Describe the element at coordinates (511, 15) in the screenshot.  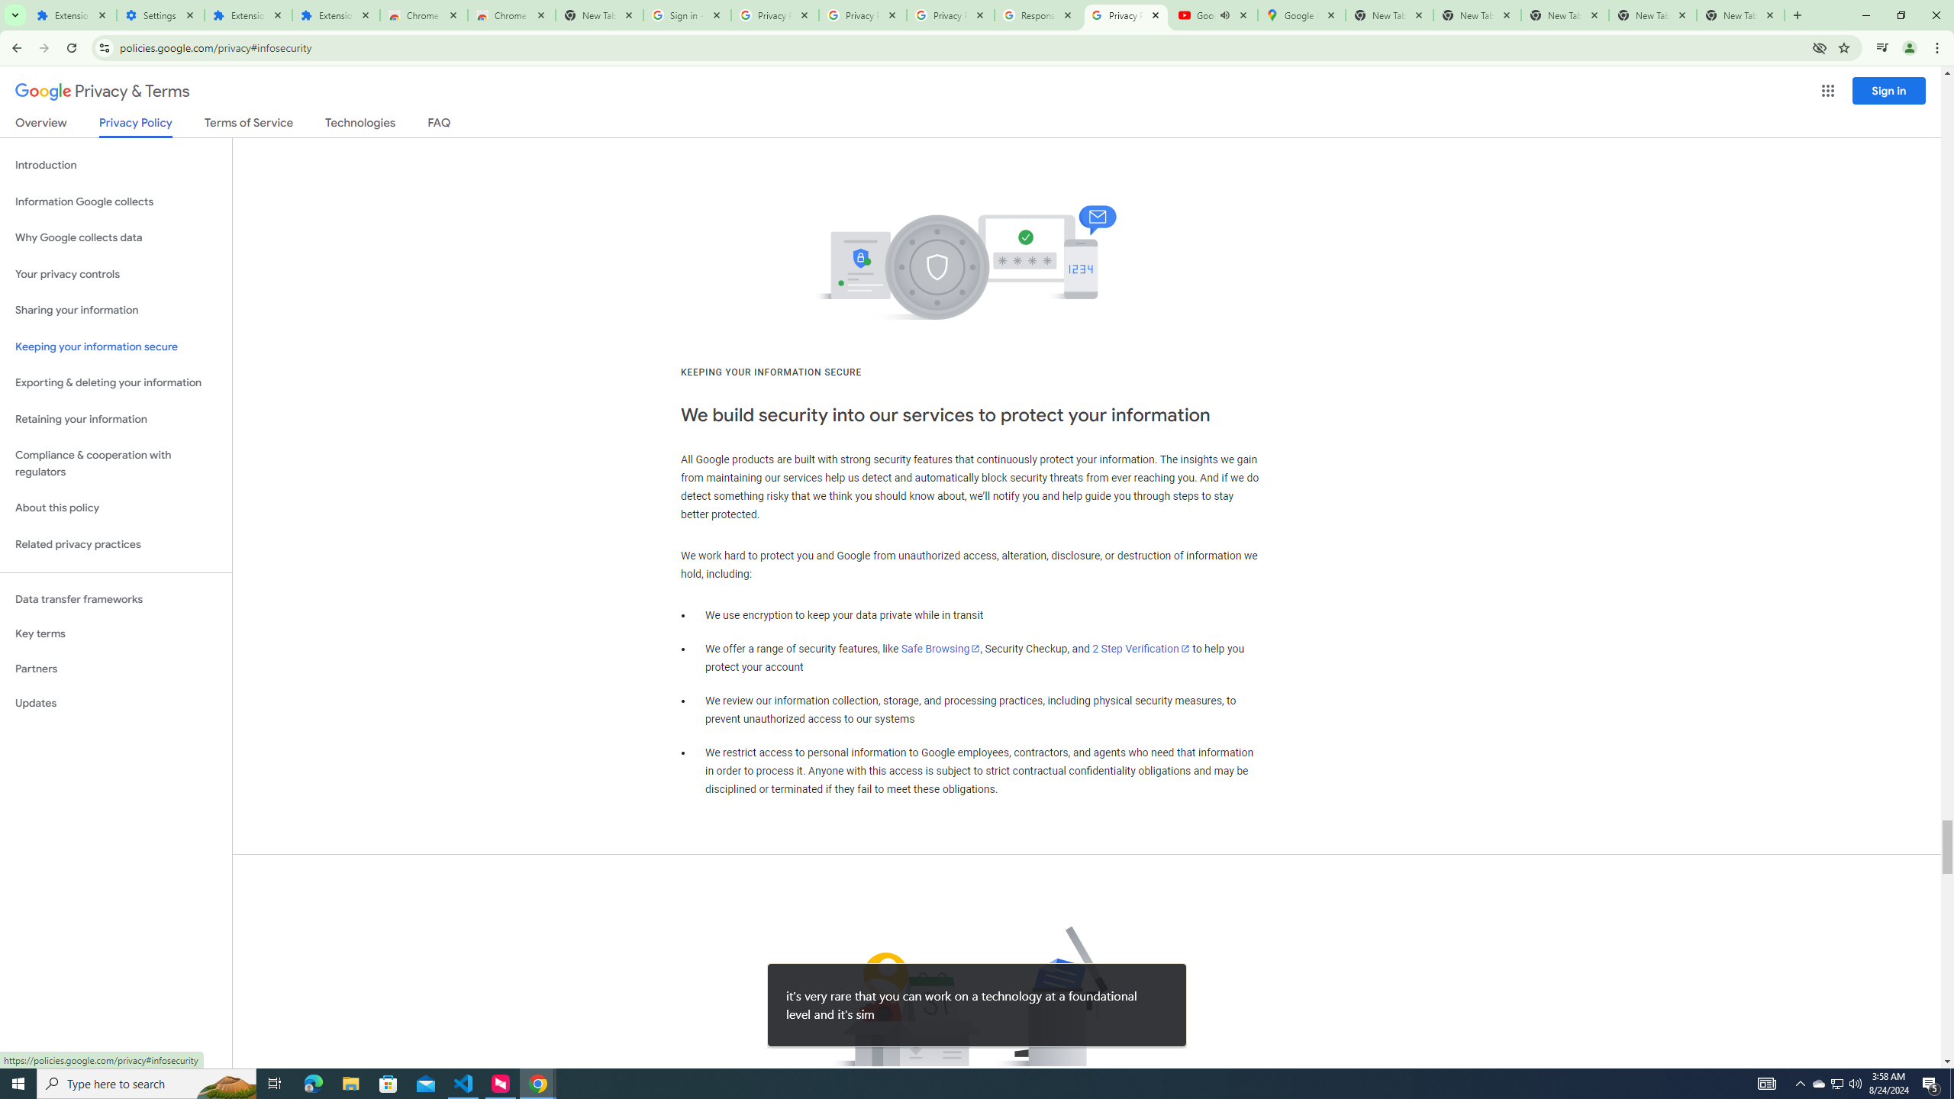
I see `'Chrome Web Store - Themes'` at that location.